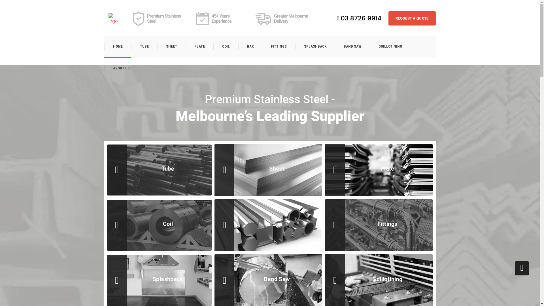 The width and height of the screenshot is (544, 306). Describe the element at coordinates (168, 168) in the screenshot. I see `'Tube'` at that location.